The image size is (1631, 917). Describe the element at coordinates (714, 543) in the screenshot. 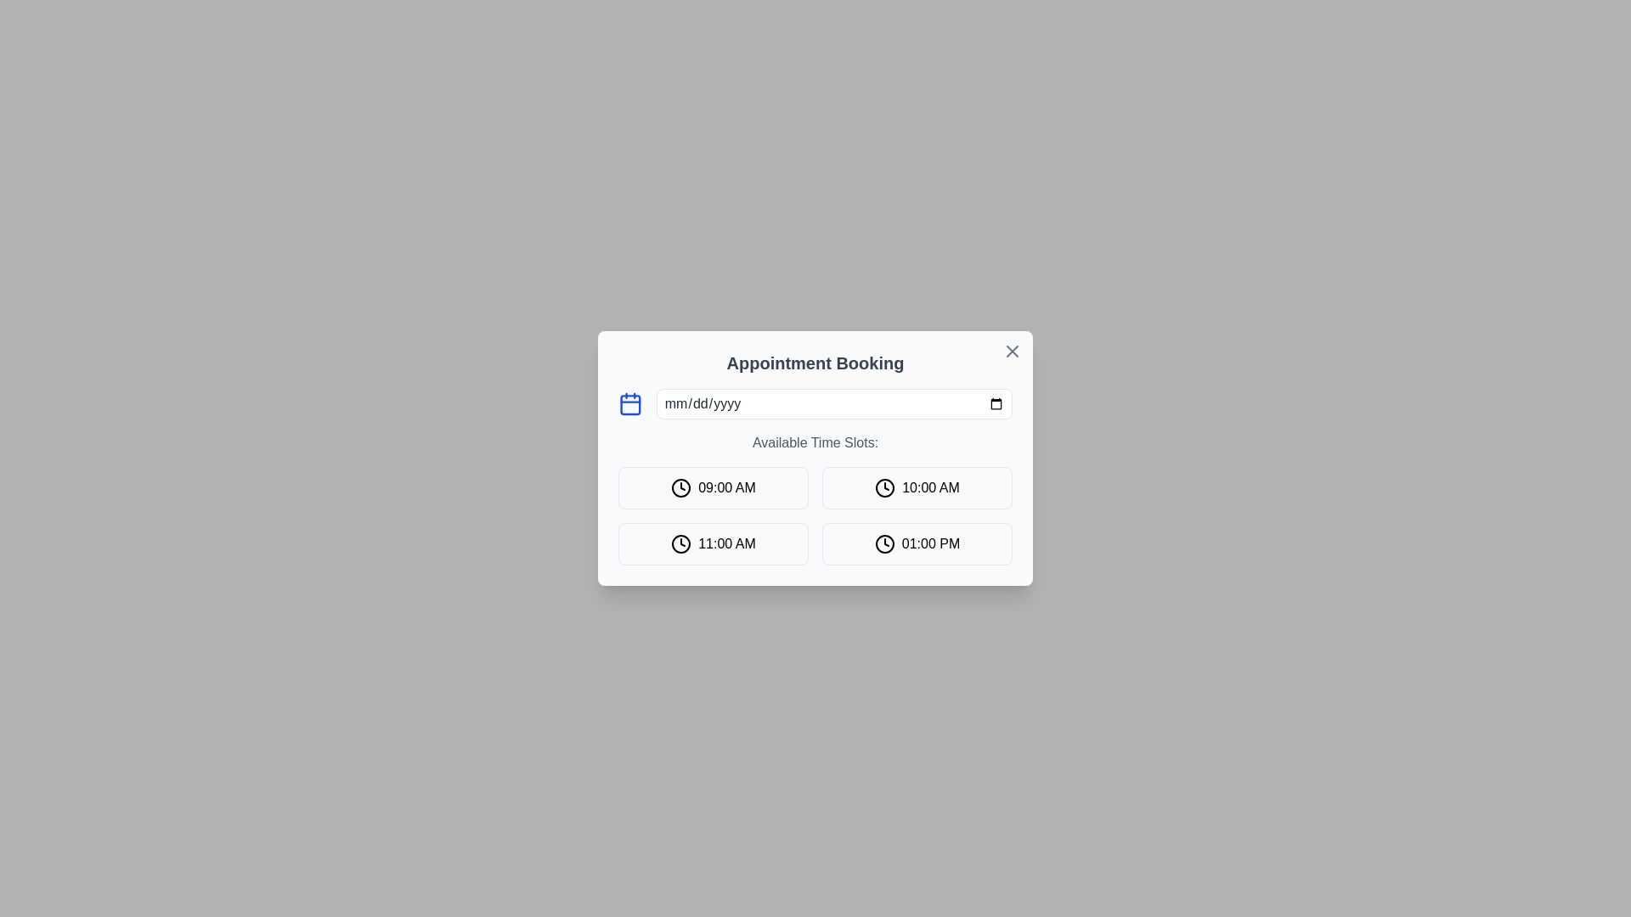

I see `the button labeled '11:00 AM' which is the third button in a layout of four options, positioned in the second row, first column, directly below the button labeled '09:00 AM'` at that location.